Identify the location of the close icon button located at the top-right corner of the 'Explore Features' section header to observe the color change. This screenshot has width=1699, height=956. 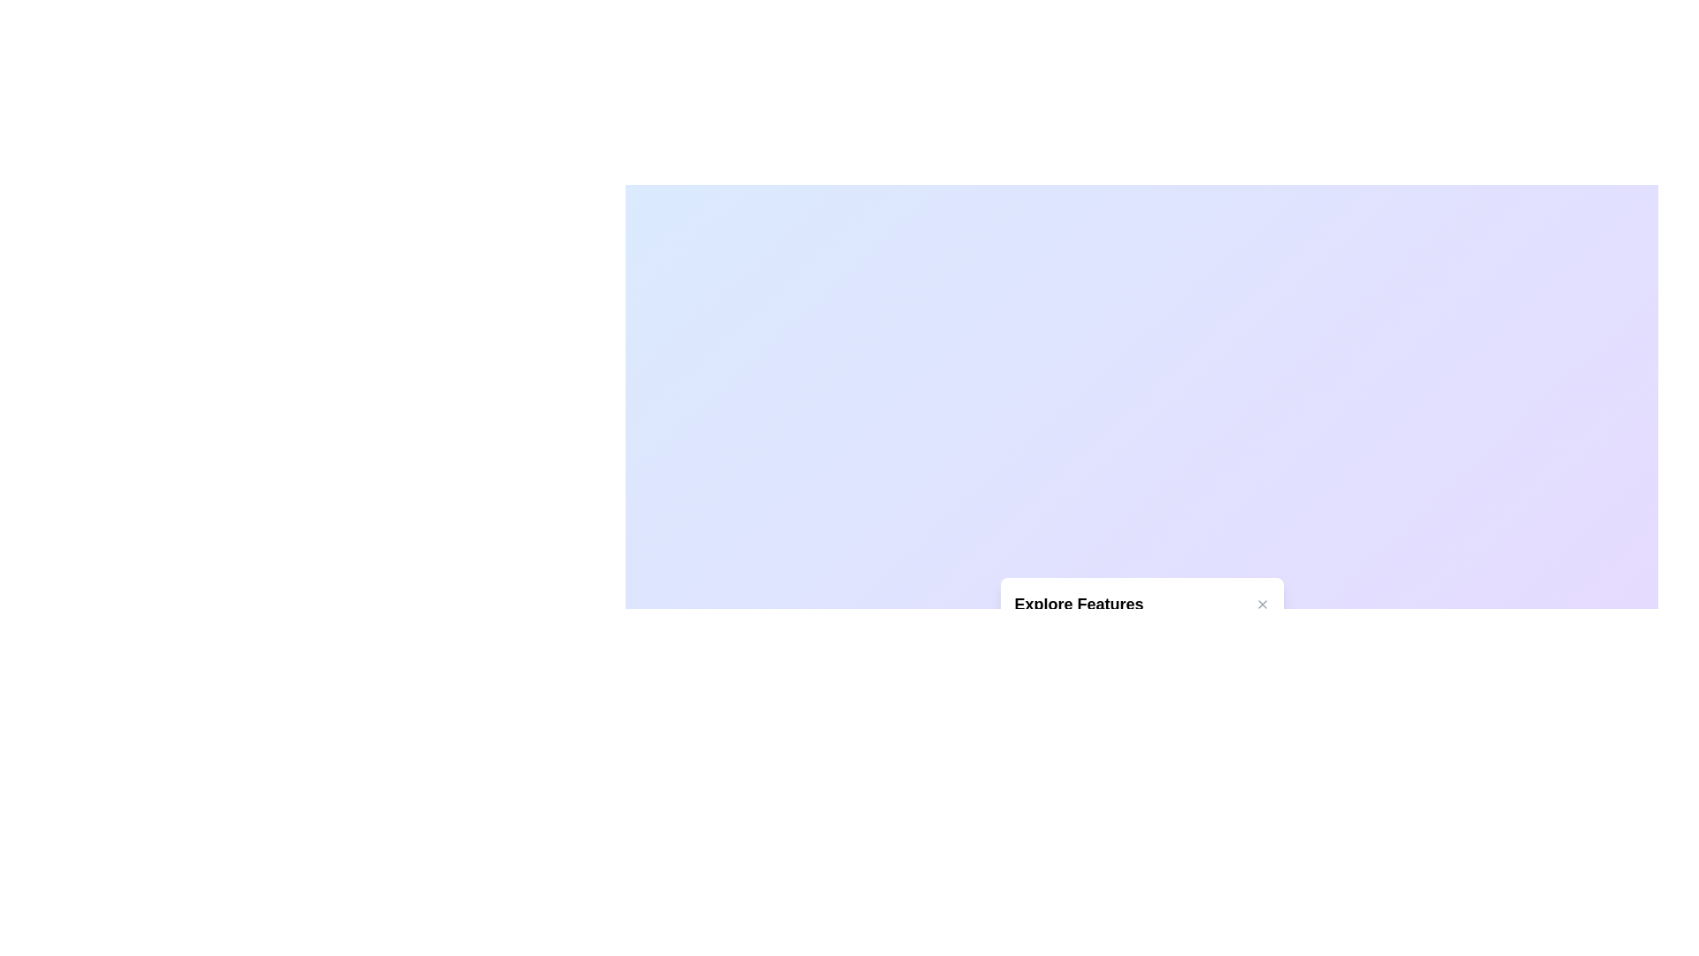
(1261, 603).